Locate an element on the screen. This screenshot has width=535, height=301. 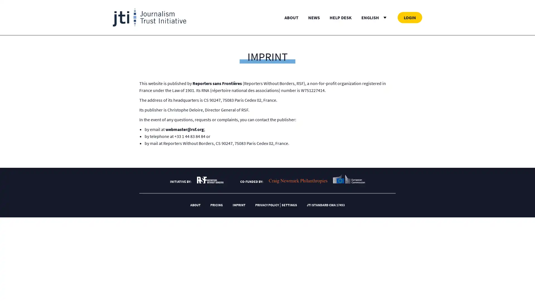
Accept All is located at coordinates (322, 182).